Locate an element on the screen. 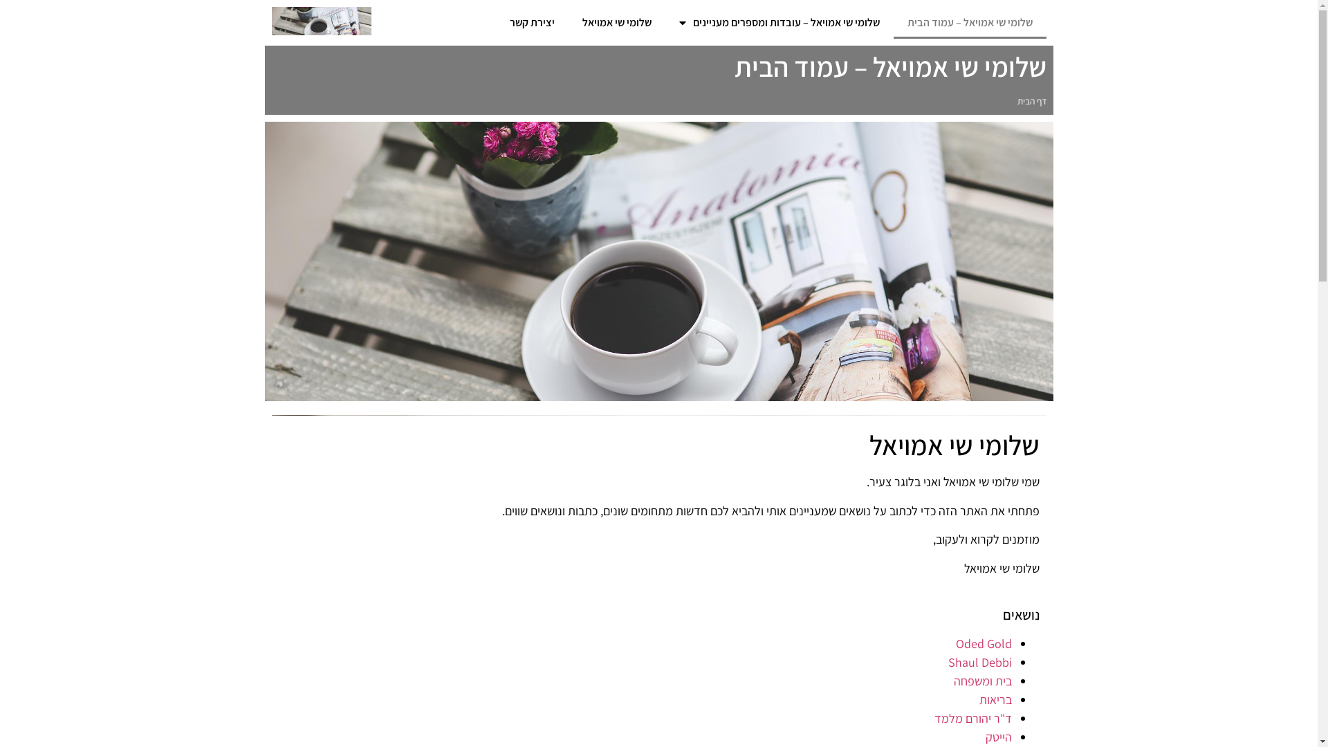 The height and width of the screenshot is (747, 1328). 'Oded Gold' is located at coordinates (983, 643).